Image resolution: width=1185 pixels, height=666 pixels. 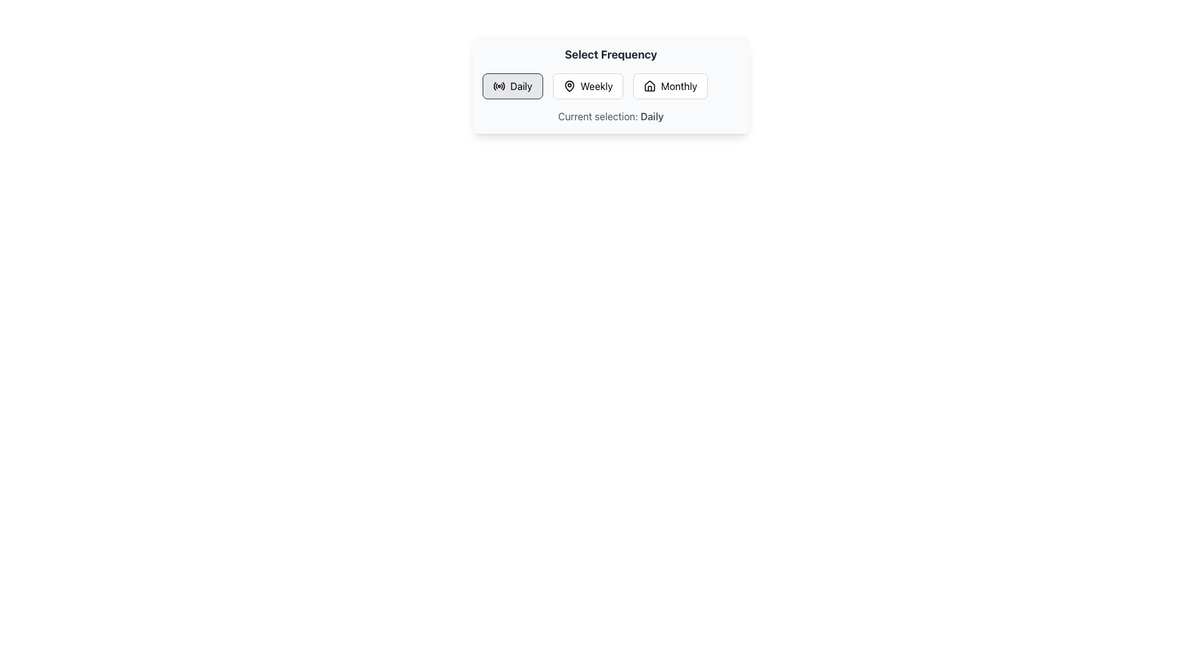 What do you see at coordinates (610, 84) in the screenshot?
I see `the 'Select Frequency' component` at bounding box center [610, 84].